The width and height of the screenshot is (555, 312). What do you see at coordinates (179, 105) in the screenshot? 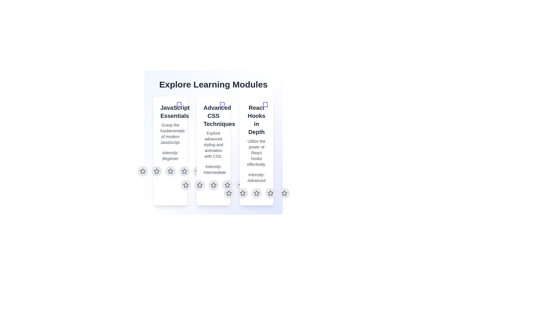
I see `the bookmark icon for the module titled 'JavaScript Essentials'` at bounding box center [179, 105].